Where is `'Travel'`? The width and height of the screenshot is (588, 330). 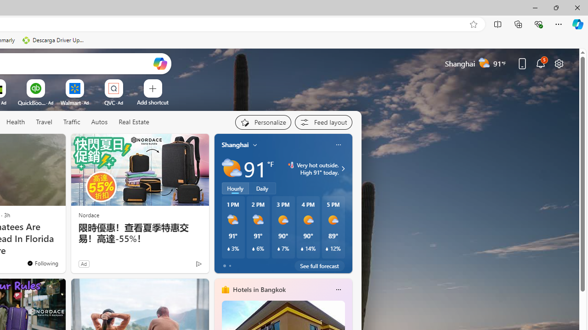 'Travel' is located at coordinates (44, 122).